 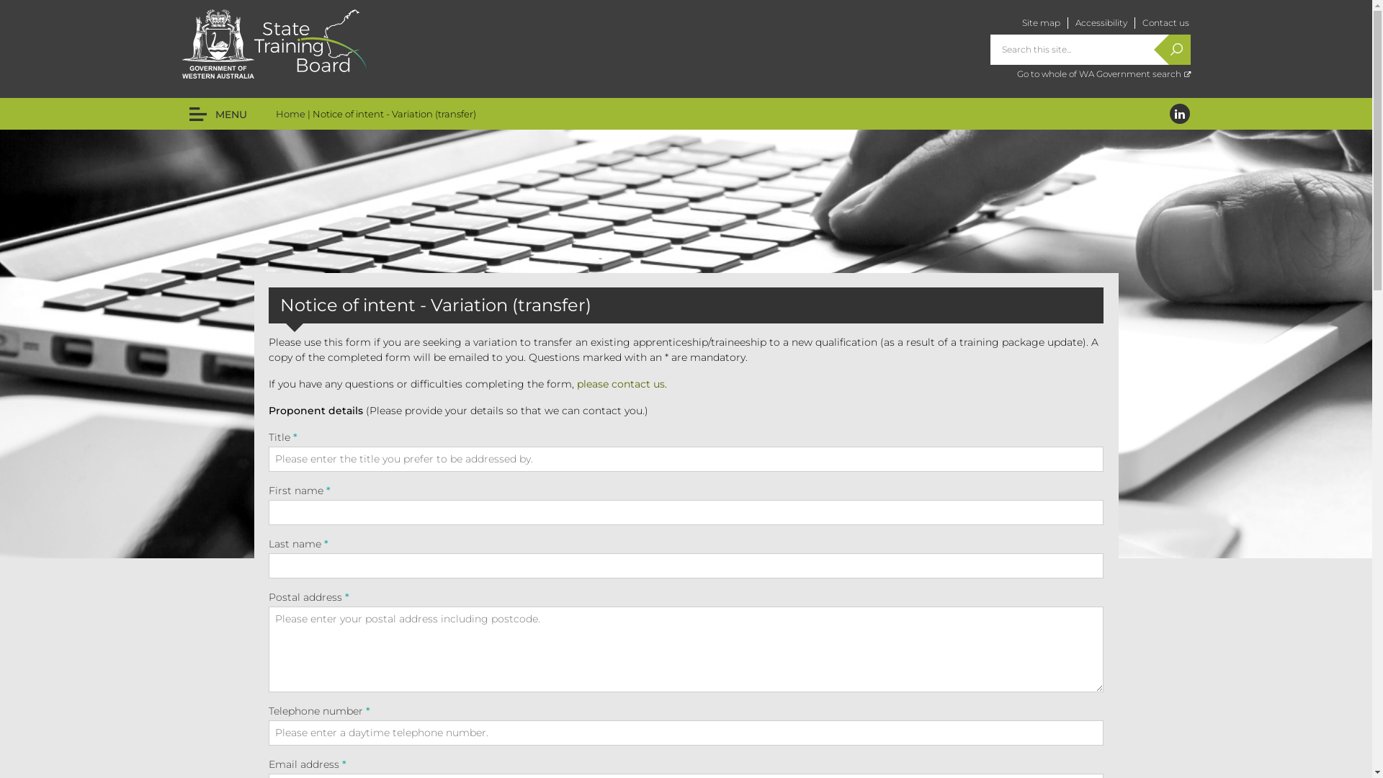 What do you see at coordinates (58, 0) in the screenshot?
I see `'Skip to main content'` at bounding box center [58, 0].